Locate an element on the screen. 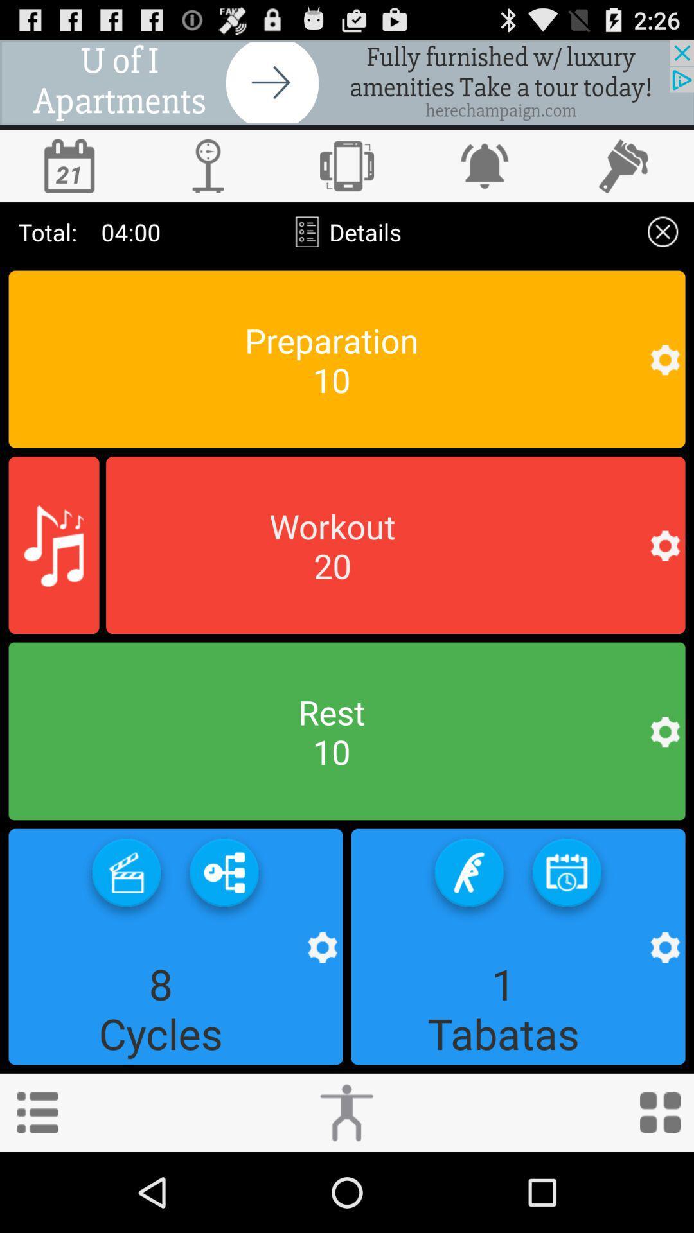 This screenshot has height=1233, width=694. the more information is located at coordinates (37, 1112).